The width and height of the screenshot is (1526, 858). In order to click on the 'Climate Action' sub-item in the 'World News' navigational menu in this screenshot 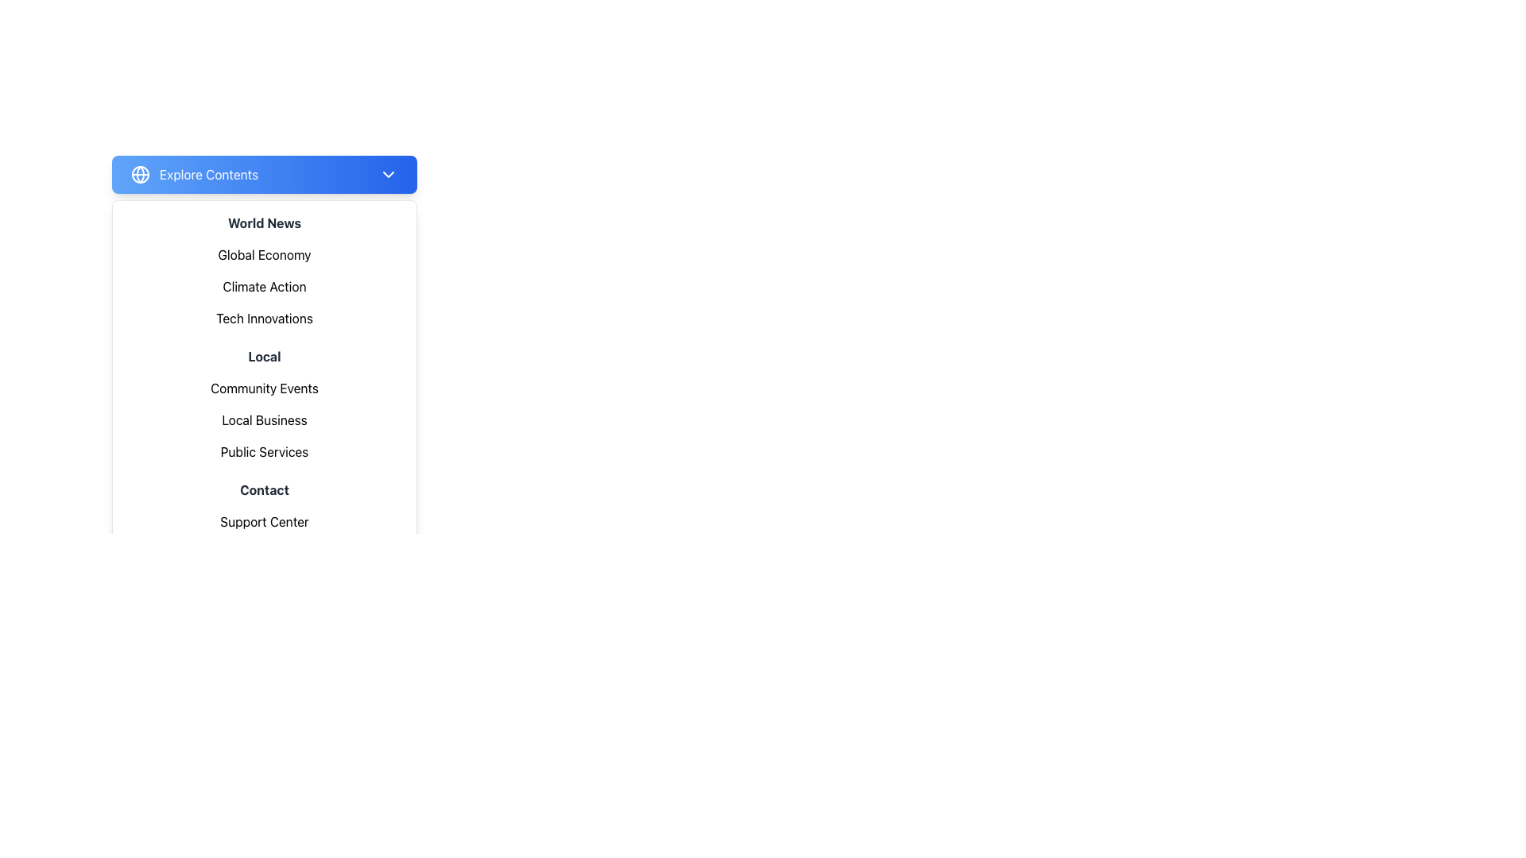, I will do `click(264, 272)`.